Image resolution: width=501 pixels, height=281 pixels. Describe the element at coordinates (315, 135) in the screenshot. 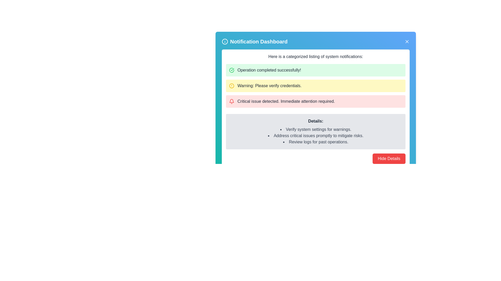

I see `instructional text located beneath 'Verify system settings for warnings' and above 'Review logs for past operations' in the bullet-point list within the light gray box labeled 'Details:' on the notification card` at that location.